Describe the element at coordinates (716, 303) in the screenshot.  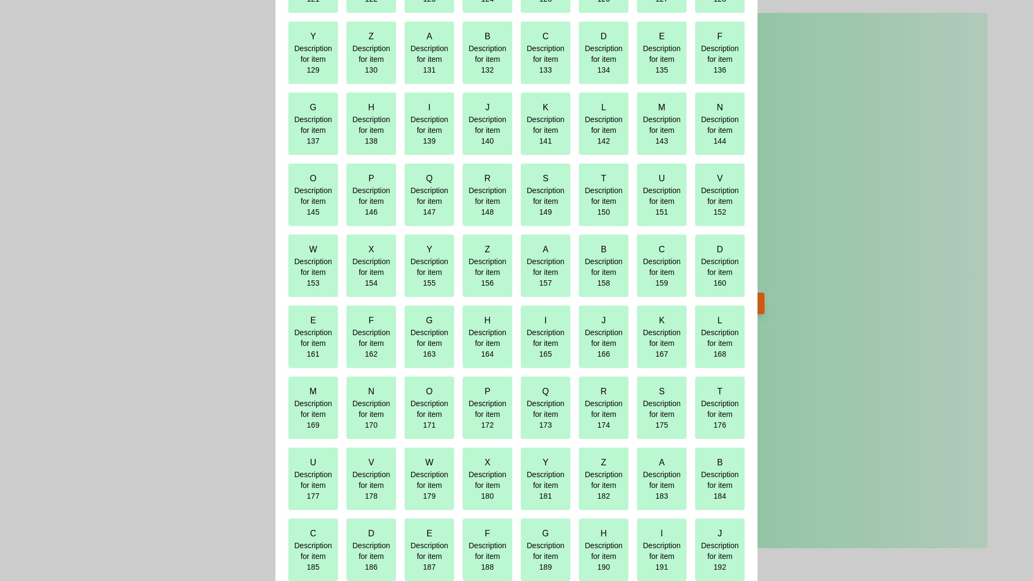
I see `the 'View Interactive Grid' button to open the interactive grid` at that location.